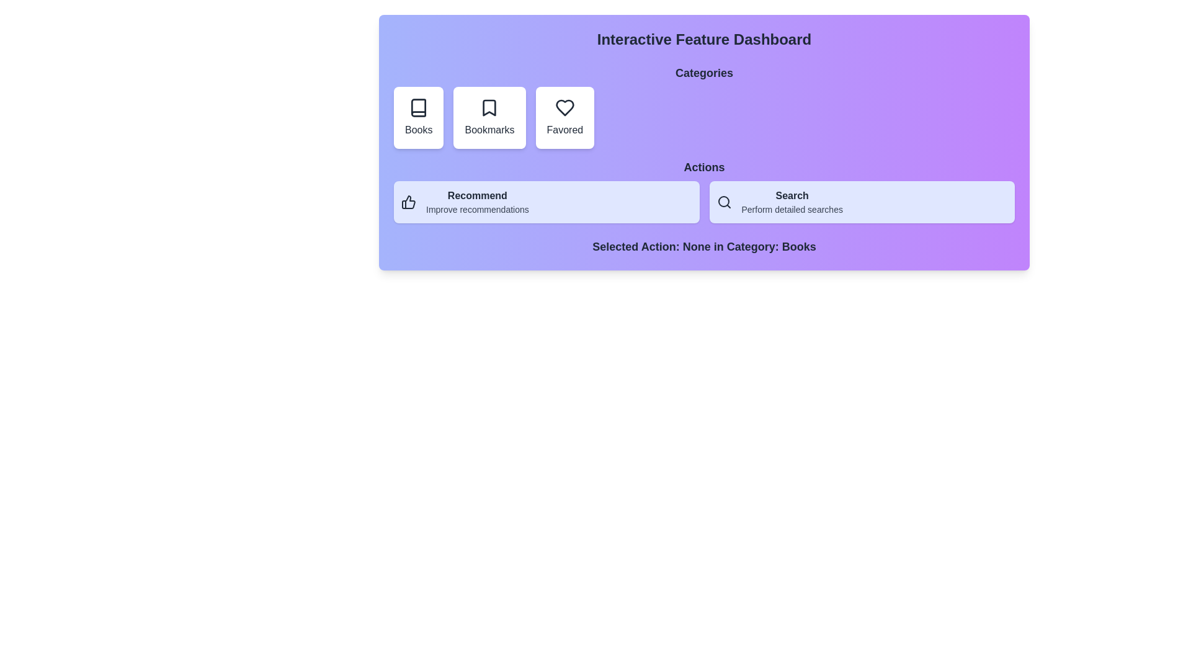  What do you see at coordinates (564, 107) in the screenshot?
I see `the heart-shaped icon with a hollow center, part of the 'Favored' card in the 'Categories' section` at bounding box center [564, 107].